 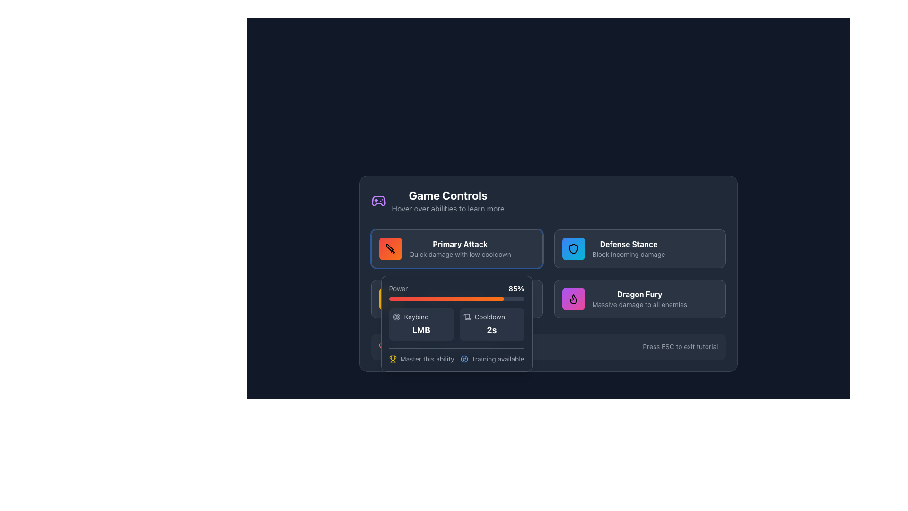 What do you see at coordinates (456, 299) in the screenshot?
I see `the 'Power' progress bar, which visually represents a metric at 85%` at bounding box center [456, 299].